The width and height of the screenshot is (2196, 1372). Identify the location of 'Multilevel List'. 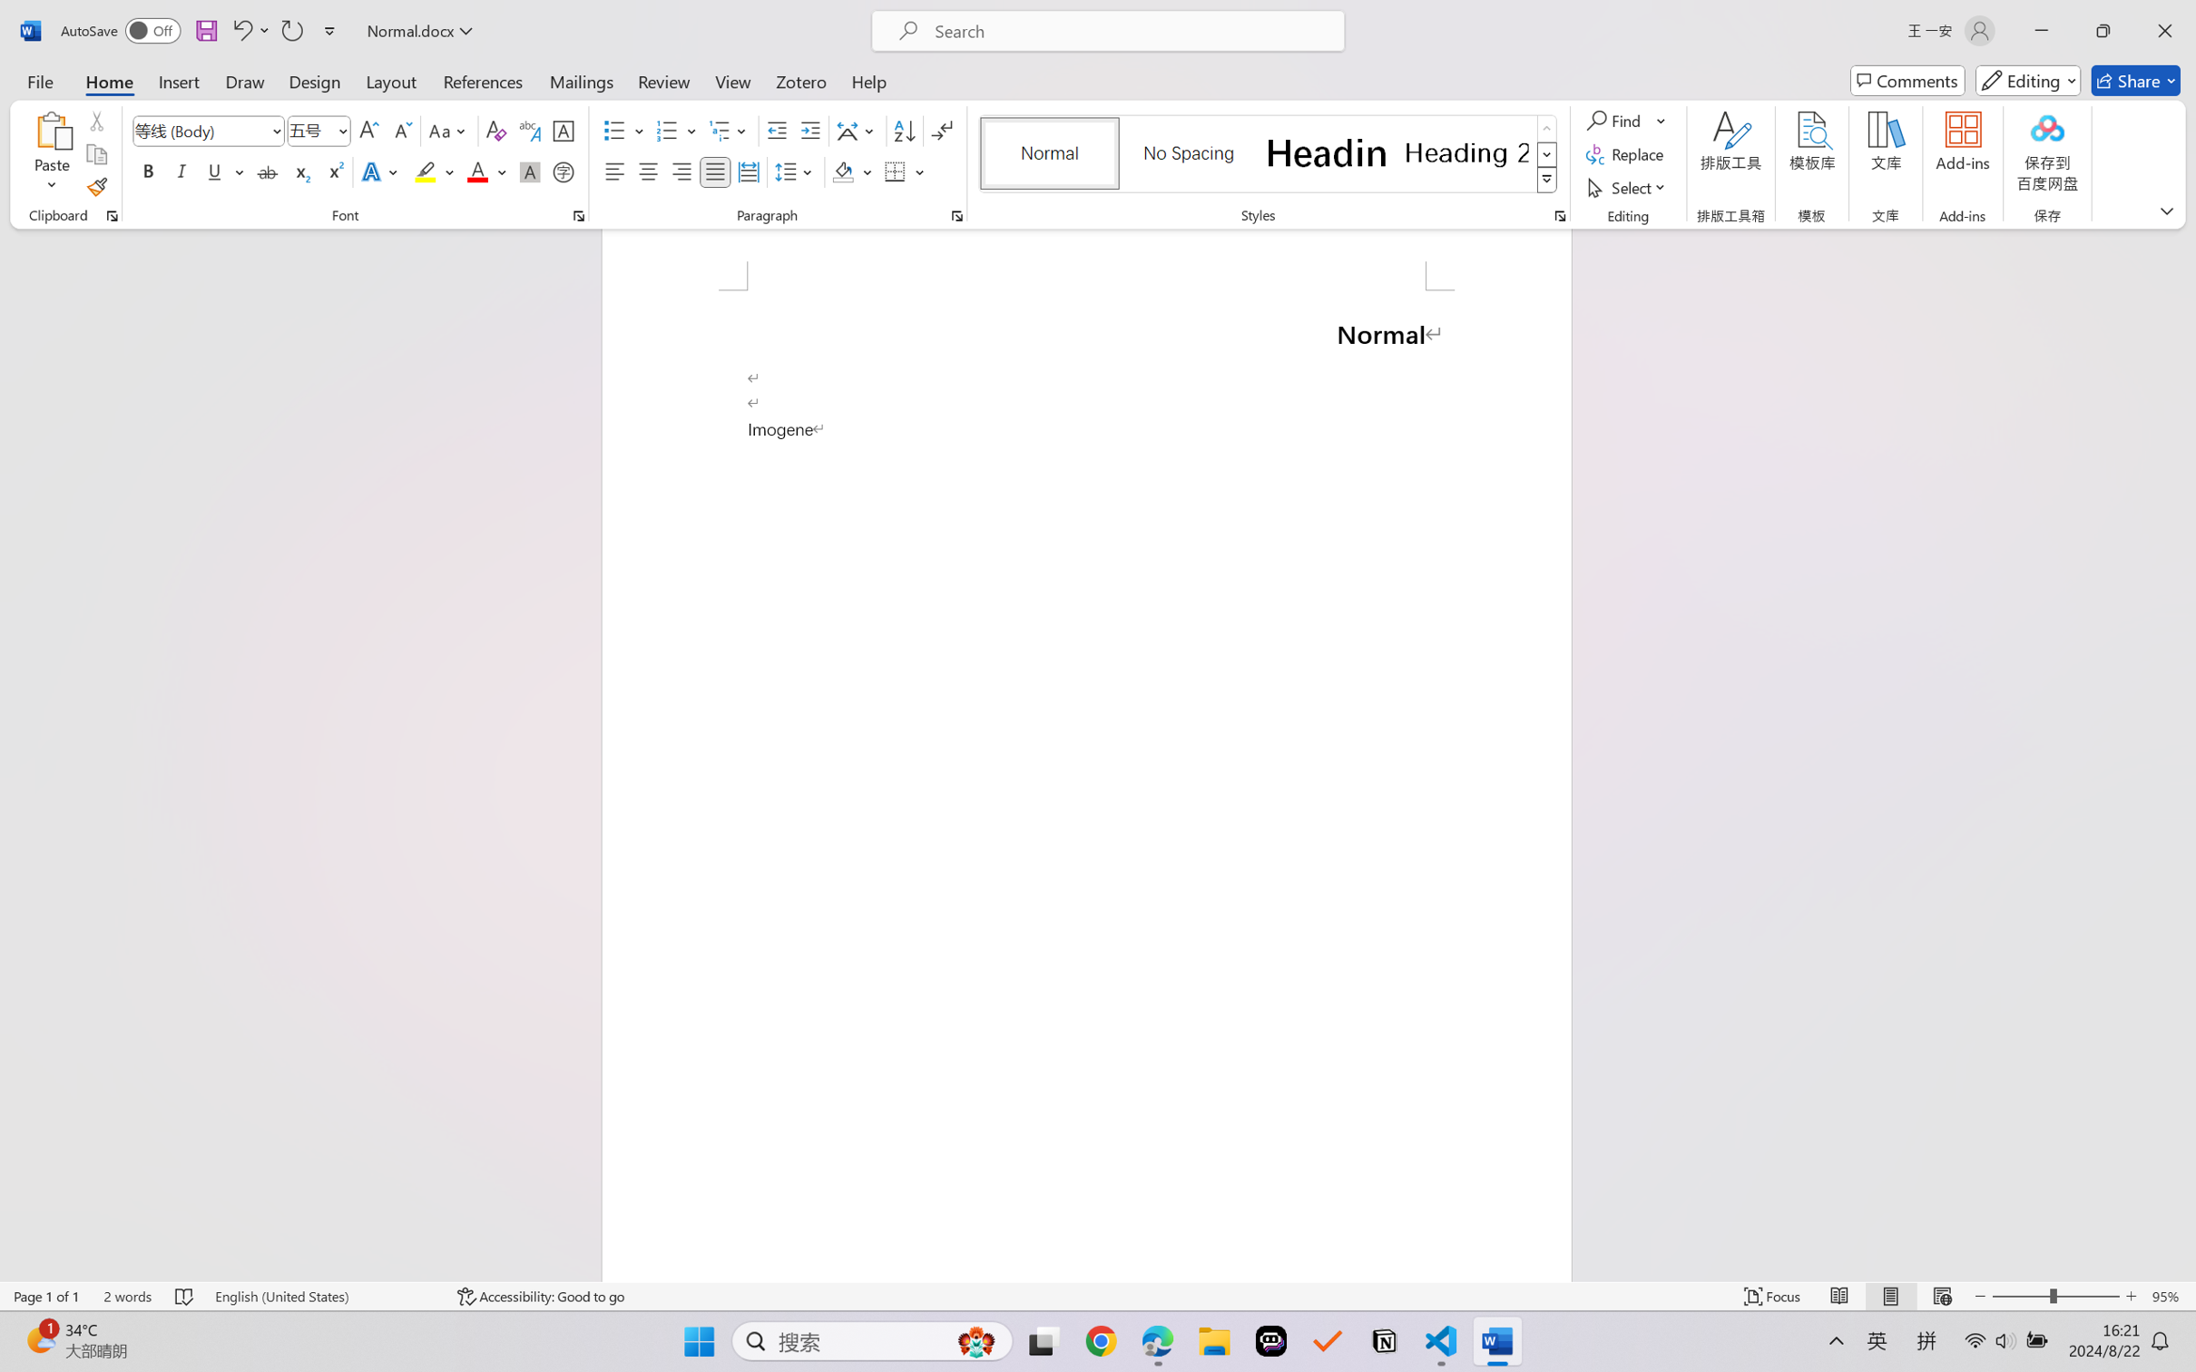
(730, 131).